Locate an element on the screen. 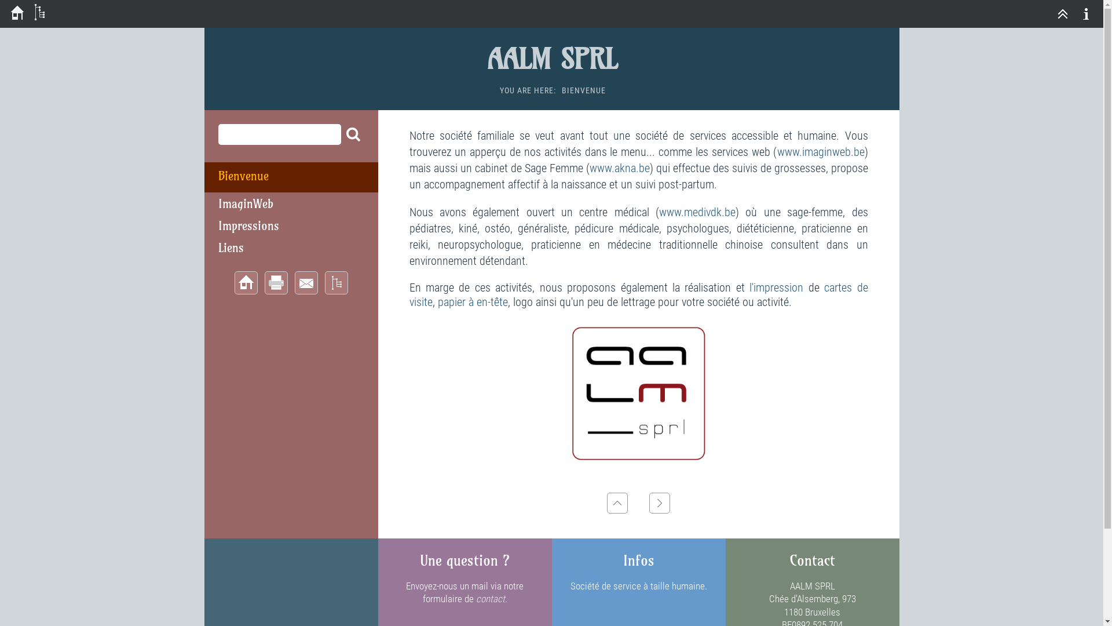  'contact' is located at coordinates (490, 599).